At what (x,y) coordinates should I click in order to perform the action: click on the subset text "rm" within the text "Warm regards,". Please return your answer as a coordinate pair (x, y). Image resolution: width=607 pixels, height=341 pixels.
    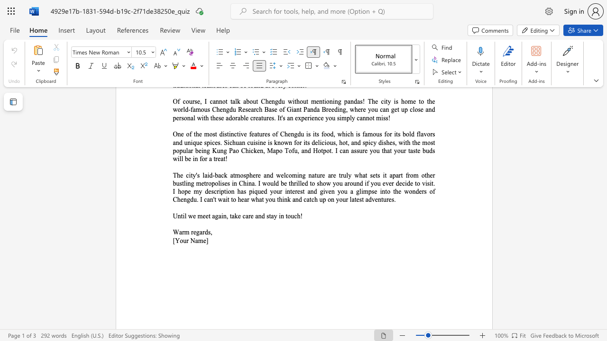
    Looking at the image, I should click on (182, 232).